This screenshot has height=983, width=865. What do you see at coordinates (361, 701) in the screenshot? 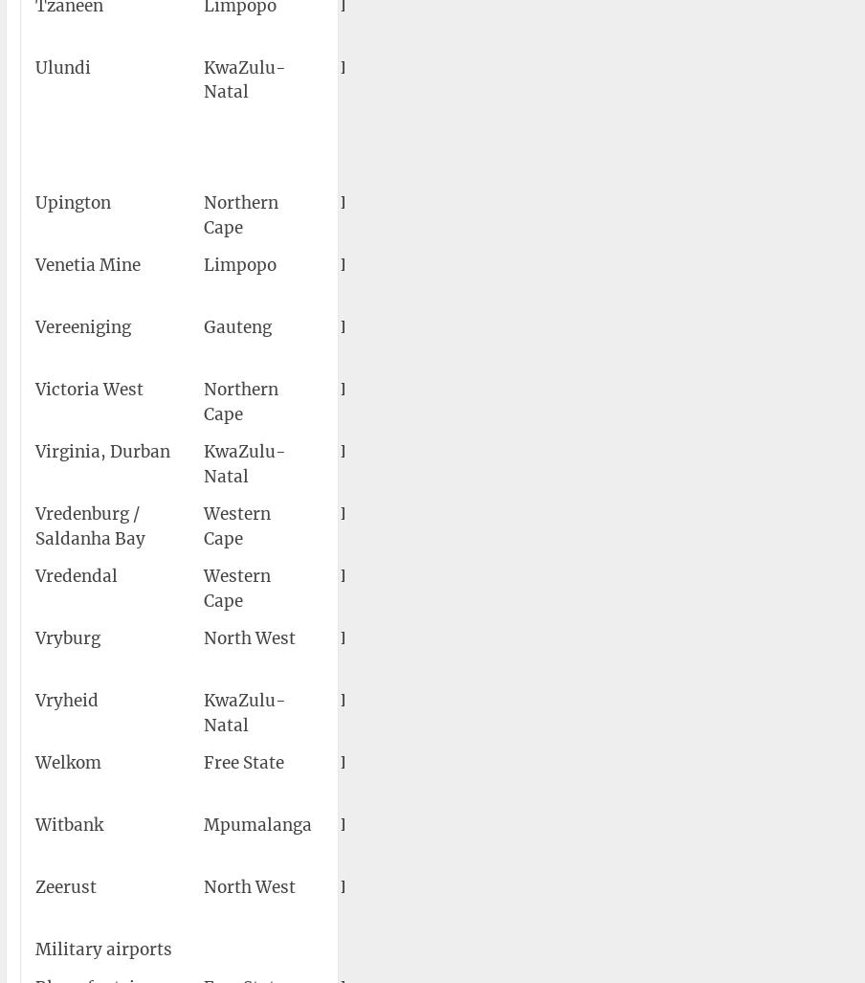
I see `'FAVY'` at bounding box center [361, 701].